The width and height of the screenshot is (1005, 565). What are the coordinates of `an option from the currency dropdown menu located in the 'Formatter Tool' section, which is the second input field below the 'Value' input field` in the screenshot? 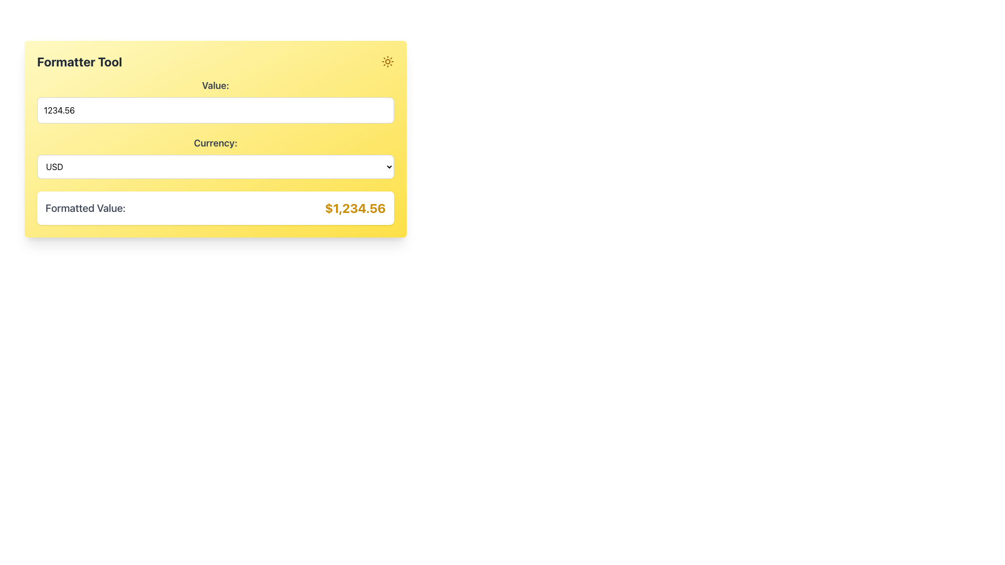 It's located at (215, 157).